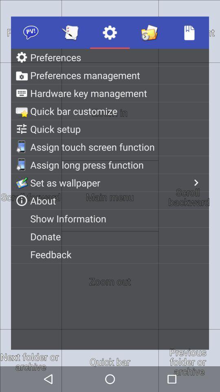 This screenshot has width=220, height=392. What do you see at coordinates (196, 183) in the screenshot?
I see `icon on the right side of set as wallpaper` at bounding box center [196, 183].